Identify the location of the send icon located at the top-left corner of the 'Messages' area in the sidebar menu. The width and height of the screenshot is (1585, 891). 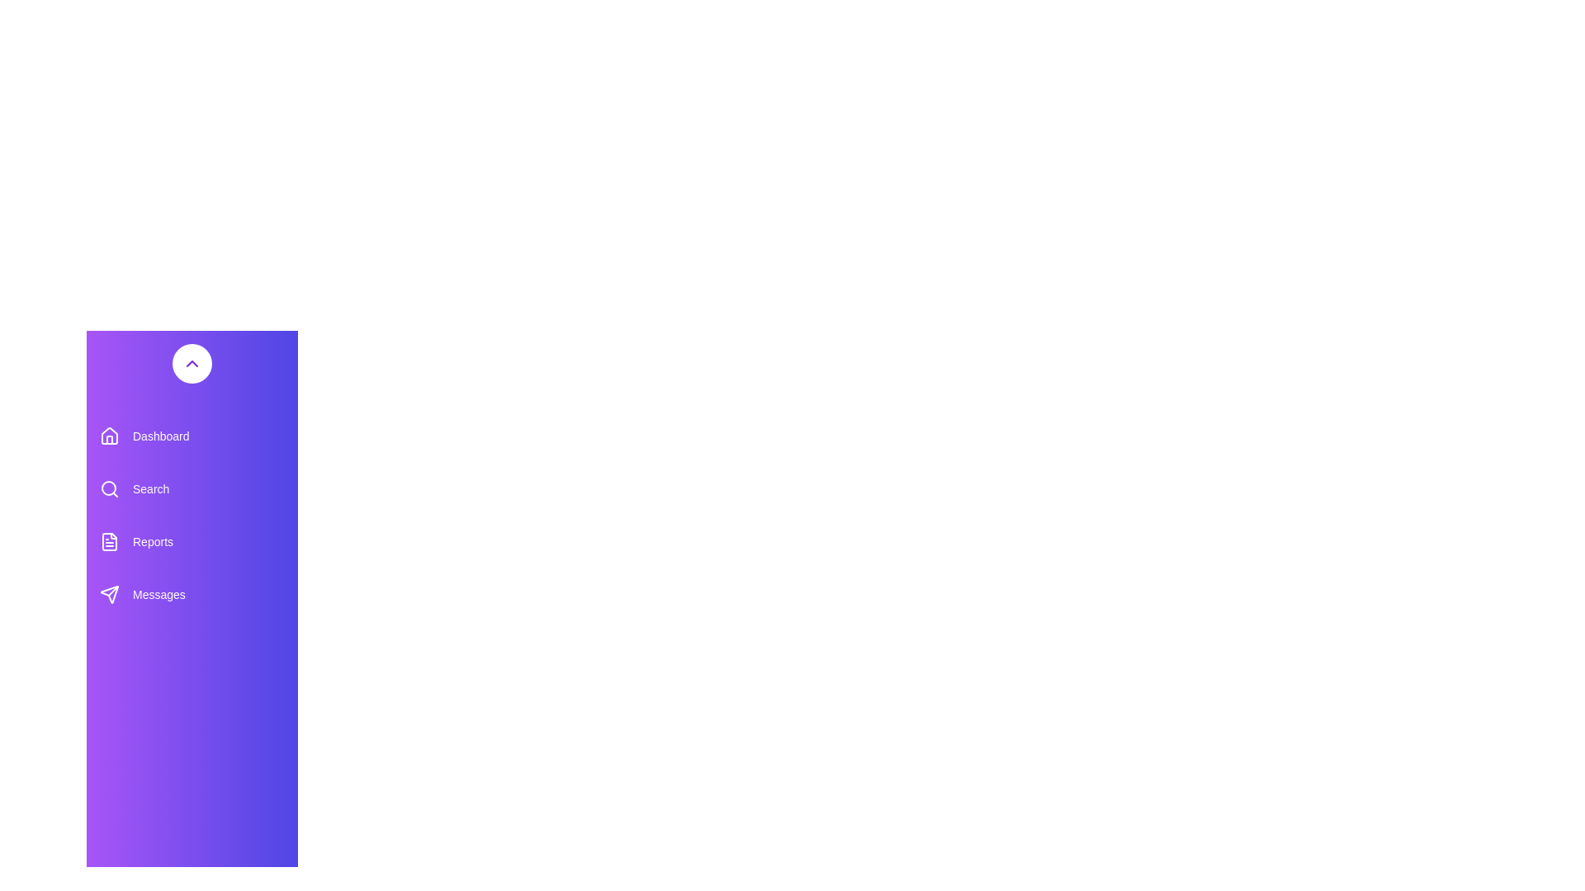
(109, 595).